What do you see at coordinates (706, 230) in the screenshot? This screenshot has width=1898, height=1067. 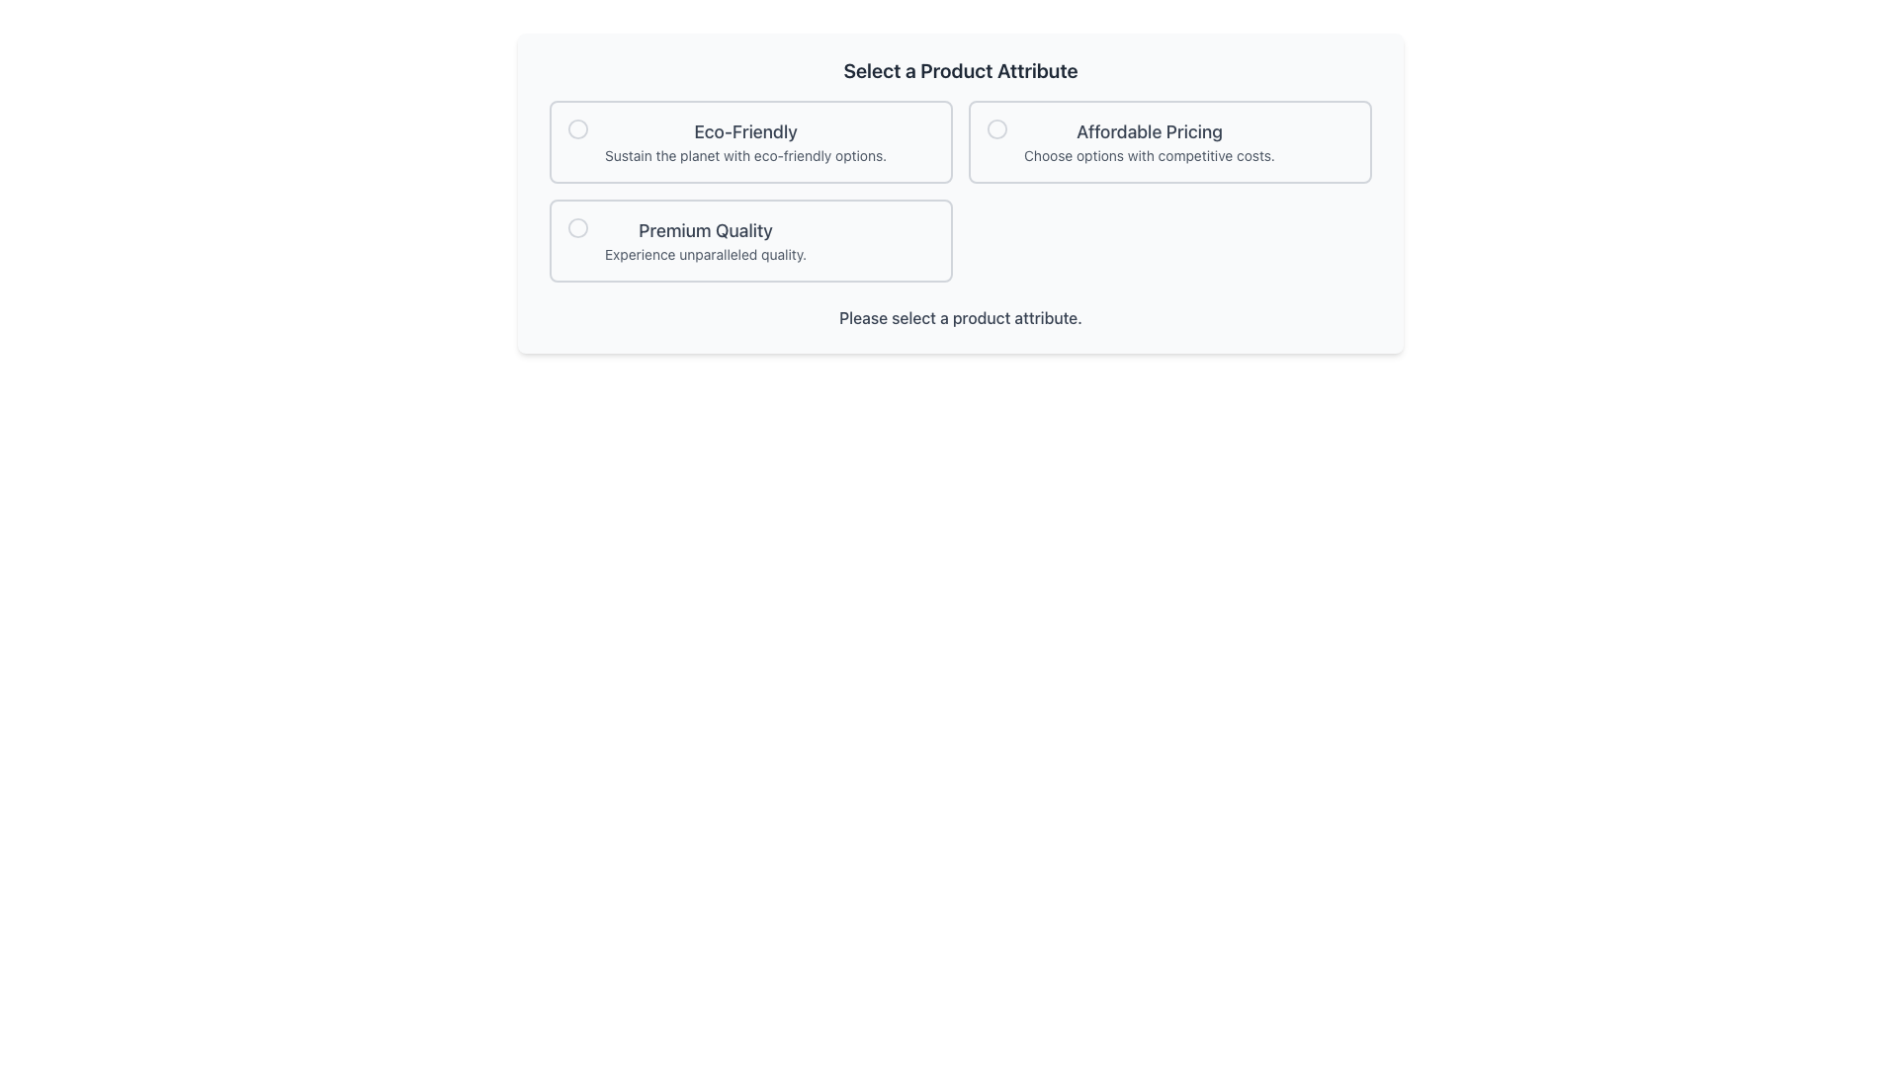 I see `title text element located at the center of the 'Premium Quality' selection option, which provides guidance on the attribute being selected` at bounding box center [706, 230].